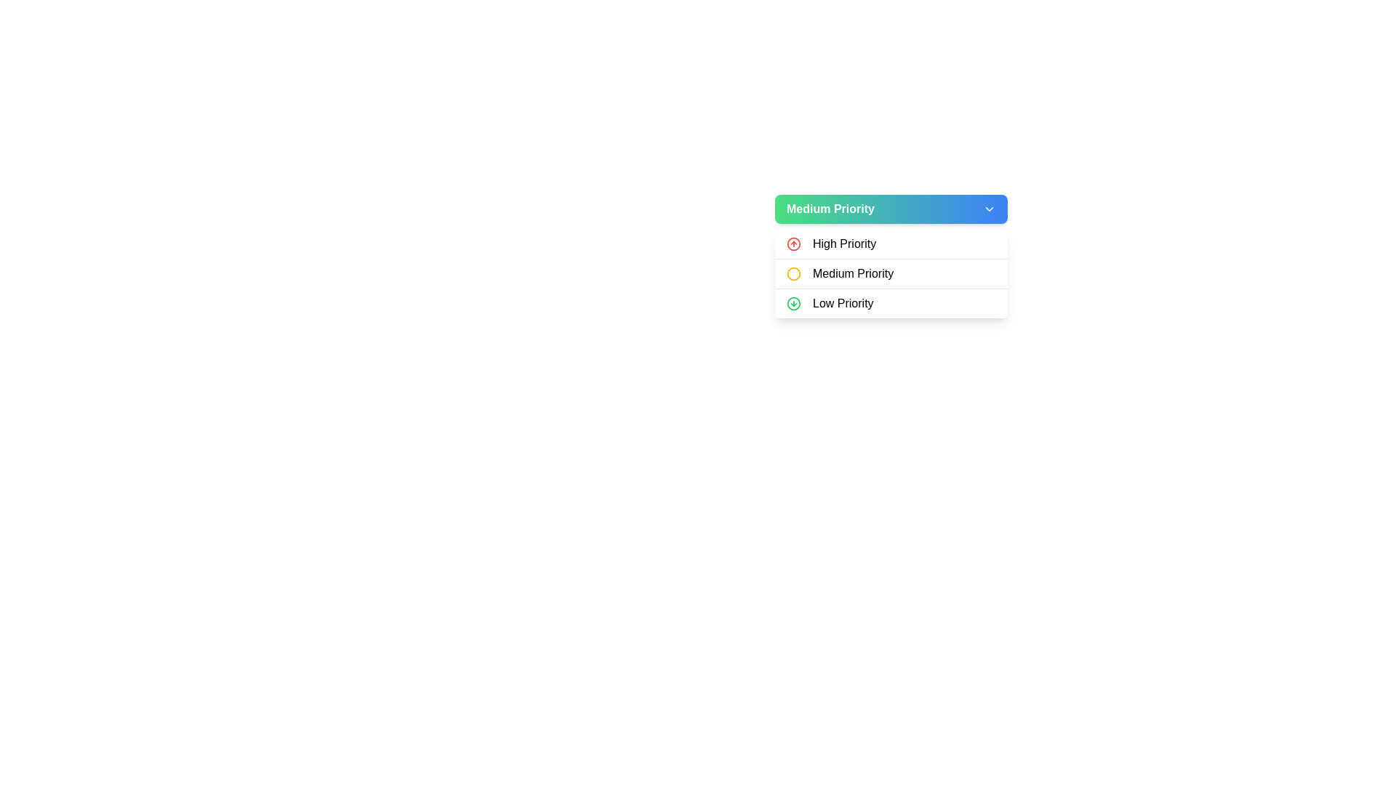  Describe the element at coordinates (793, 302) in the screenshot. I see `the circular icon with a green border and a central red downward arrow, which indicates the 'Low Priority' option in the pop-up dropdown menu` at that location.